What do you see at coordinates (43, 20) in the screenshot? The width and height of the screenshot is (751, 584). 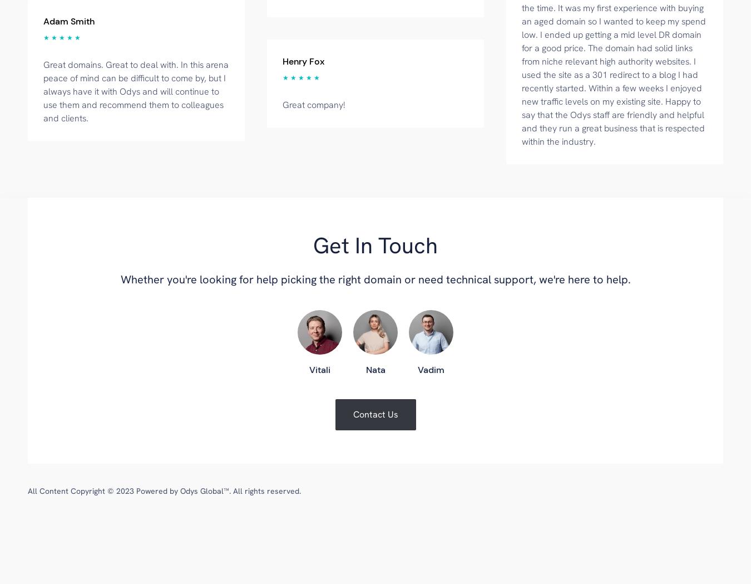 I see `'Adam Smith'` at bounding box center [43, 20].